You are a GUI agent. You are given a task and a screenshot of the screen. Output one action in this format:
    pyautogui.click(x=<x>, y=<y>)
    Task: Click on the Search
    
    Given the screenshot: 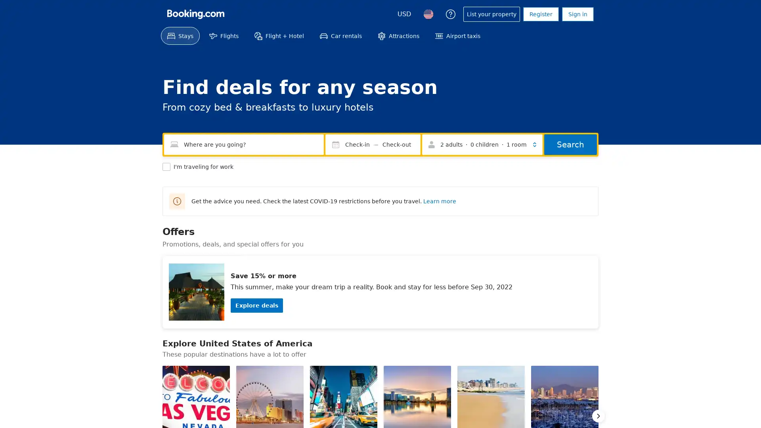 What is the action you would take?
    pyautogui.click(x=570, y=145)
    